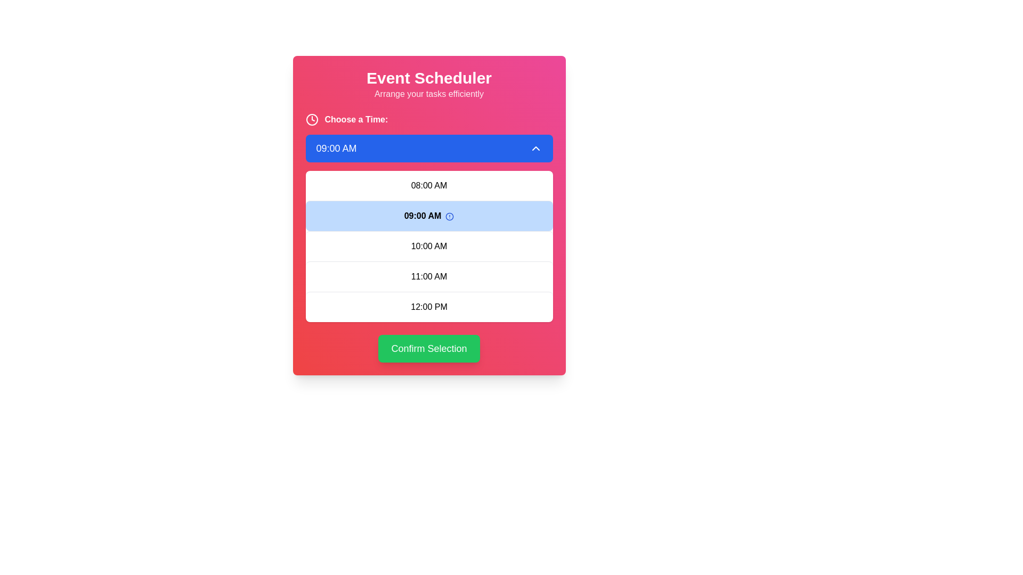 This screenshot has height=575, width=1023. I want to click on the 'Confirm Selection' button, which is a green rectangular button with rounded corners located at the bottom center of the interface card, so click(429, 349).